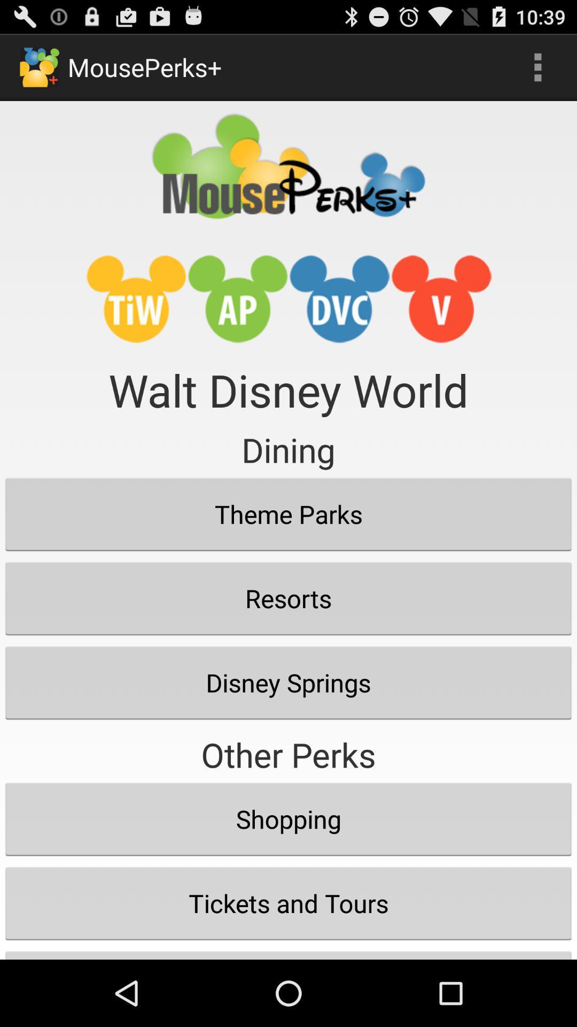  What do you see at coordinates (288, 952) in the screenshot?
I see `the recreation and relaxation` at bounding box center [288, 952].